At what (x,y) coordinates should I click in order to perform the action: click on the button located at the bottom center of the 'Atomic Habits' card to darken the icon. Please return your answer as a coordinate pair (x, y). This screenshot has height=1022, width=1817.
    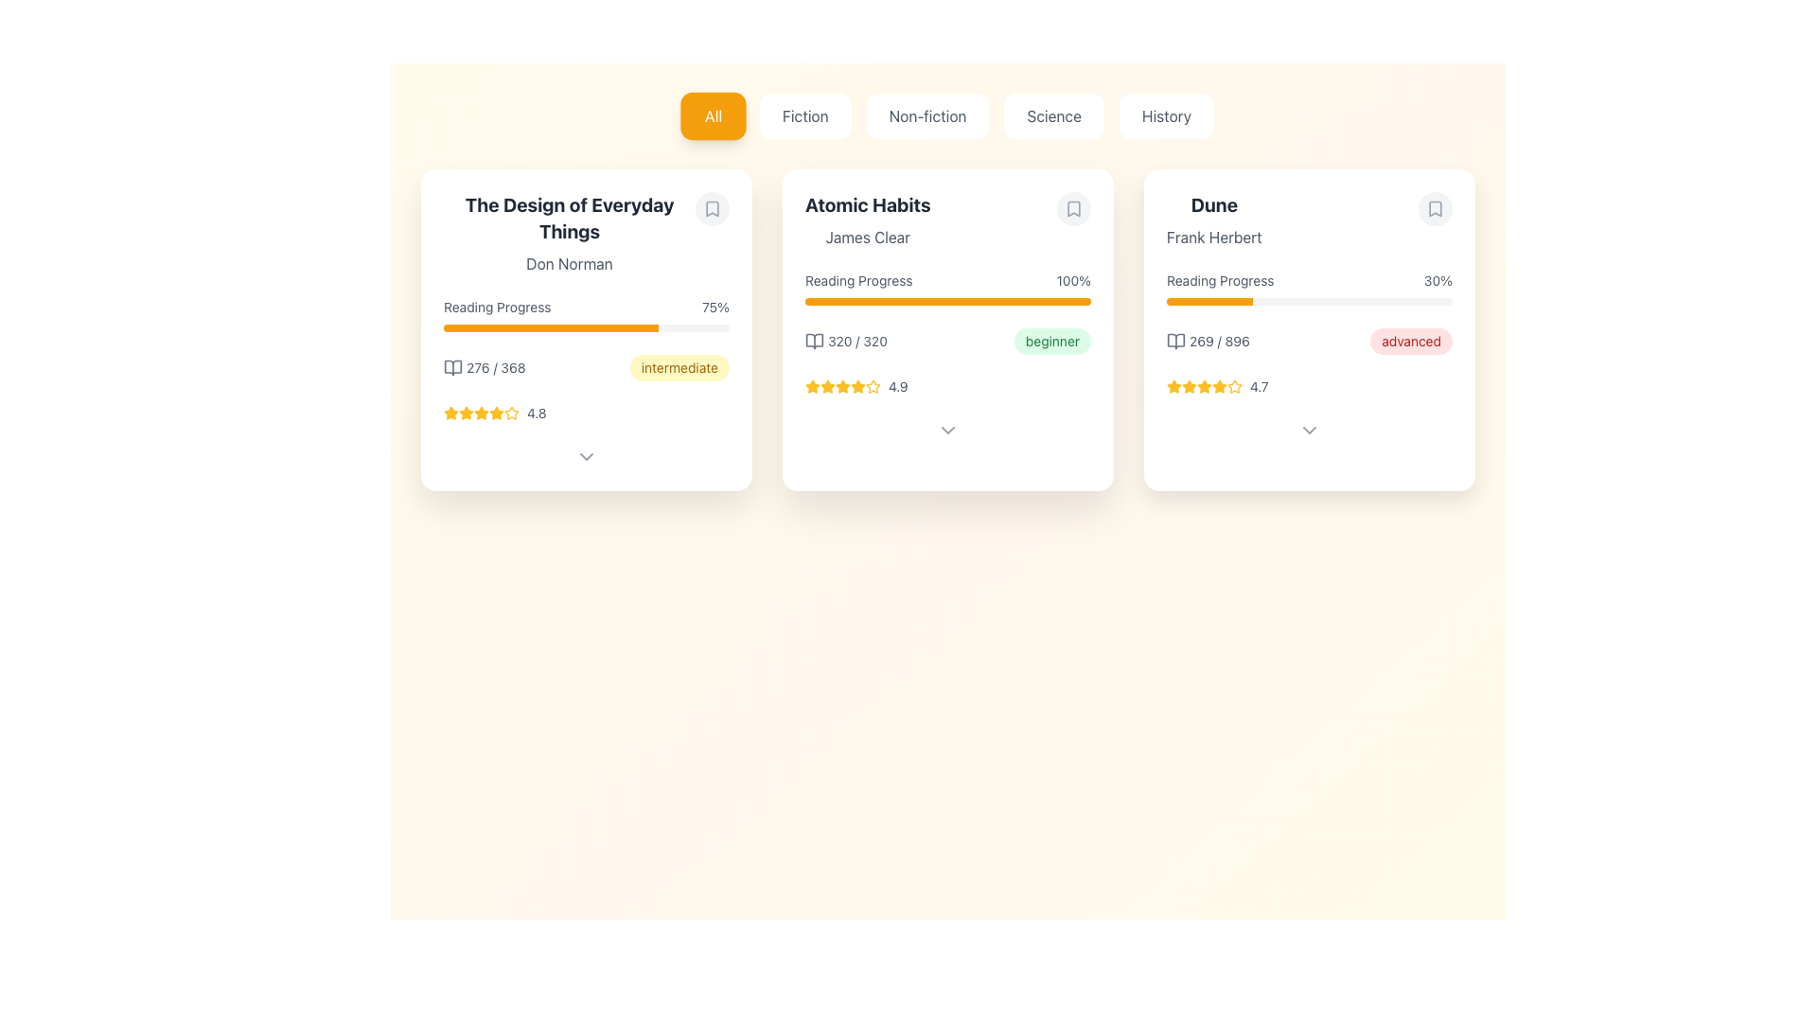
    Looking at the image, I should click on (948, 431).